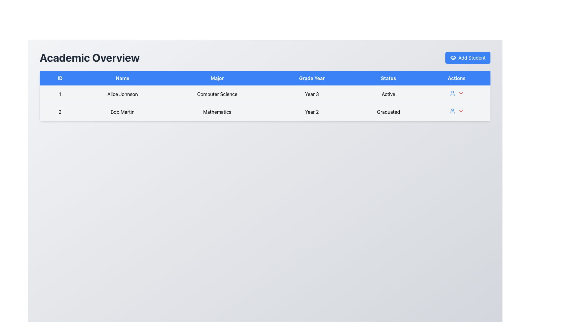  What do you see at coordinates (456, 112) in the screenshot?
I see `the Interactive Grouping element` at bounding box center [456, 112].